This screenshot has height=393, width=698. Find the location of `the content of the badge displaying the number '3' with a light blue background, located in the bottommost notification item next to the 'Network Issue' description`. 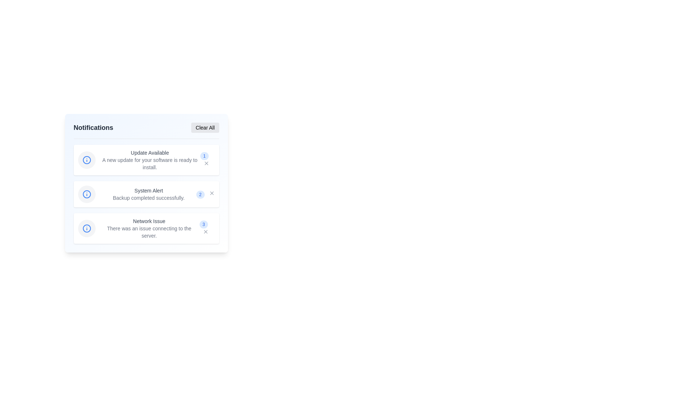

the content of the badge displaying the number '3' with a light blue background, located in the bottommost notification item next to the 'Network Issue' description is located at coordinates (204, 224).